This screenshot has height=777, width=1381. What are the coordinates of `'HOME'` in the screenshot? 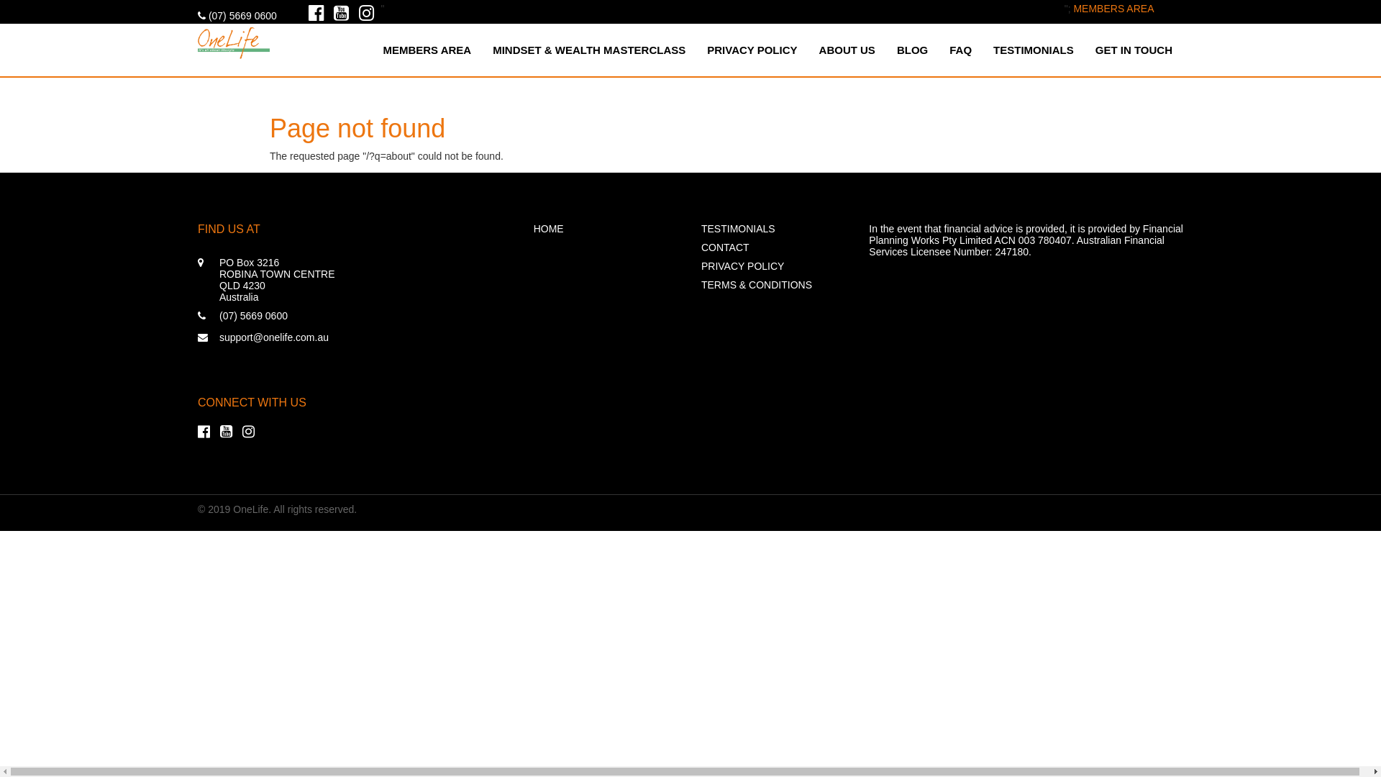 It's located at (606, 227).